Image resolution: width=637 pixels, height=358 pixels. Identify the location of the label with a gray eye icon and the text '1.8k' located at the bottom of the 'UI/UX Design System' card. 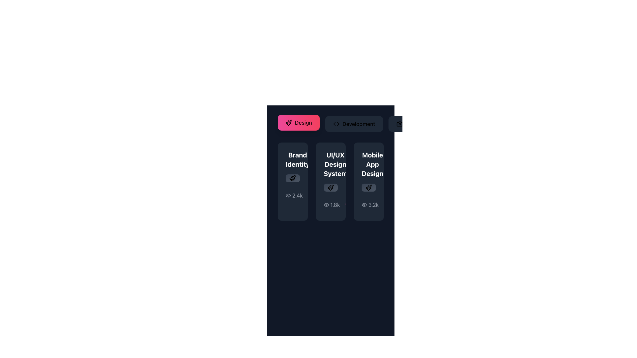
(331, 204).